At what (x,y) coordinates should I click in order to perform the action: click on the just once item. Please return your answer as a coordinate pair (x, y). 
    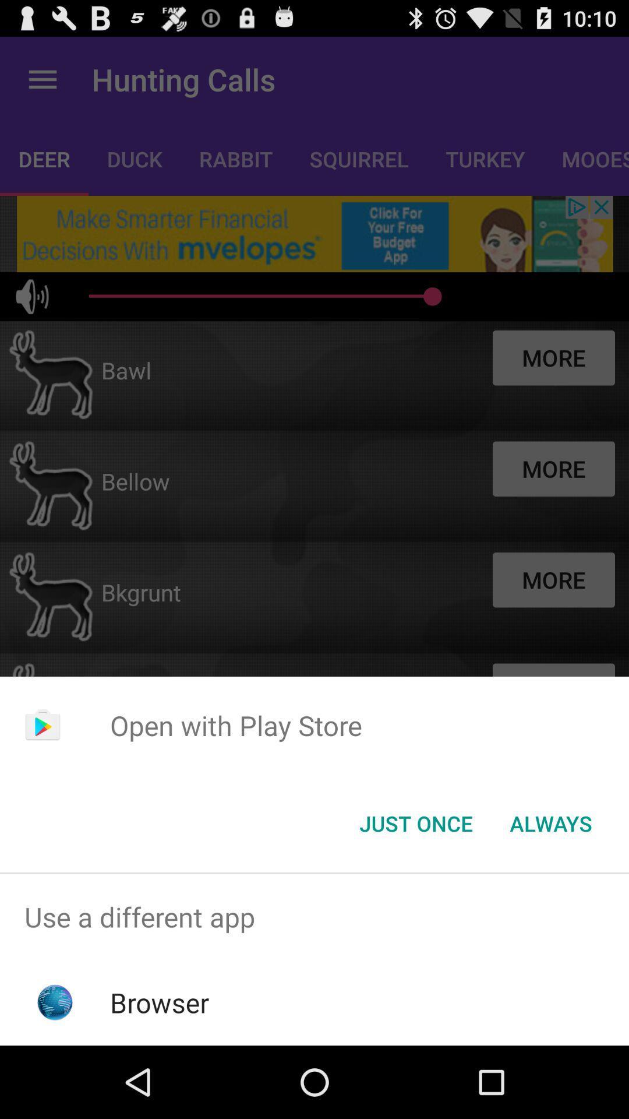
    Looking at the image, I should click on (415, 822).